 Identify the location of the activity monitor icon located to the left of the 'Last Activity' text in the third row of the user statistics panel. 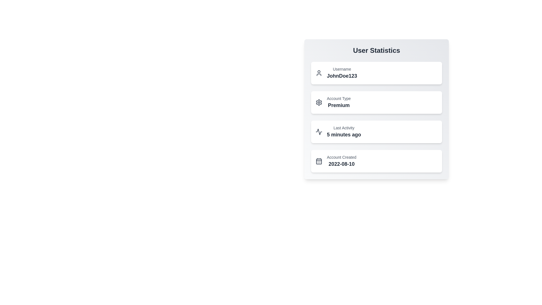
(319, 132).